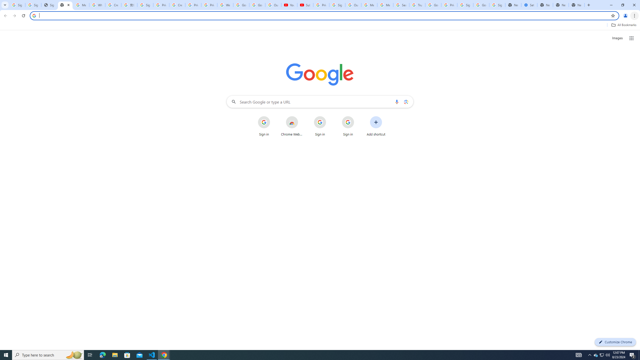  Describe the element at coordinates (622, 5) in the screenshot. I see `'Restore'` at that location.